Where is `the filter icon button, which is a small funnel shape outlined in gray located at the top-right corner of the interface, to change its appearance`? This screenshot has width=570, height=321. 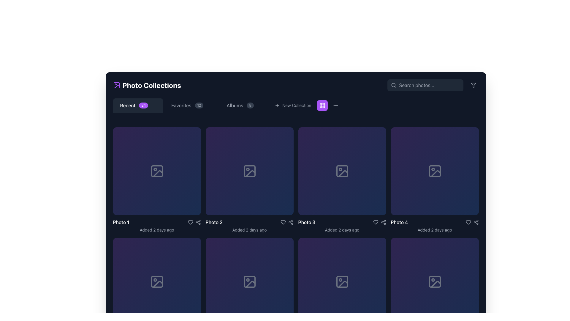 the filter icon button, which is a small funnel shape outlined in gray located at the top-right corner of the interface, to change its appearance is located at coordinates (473, 85).